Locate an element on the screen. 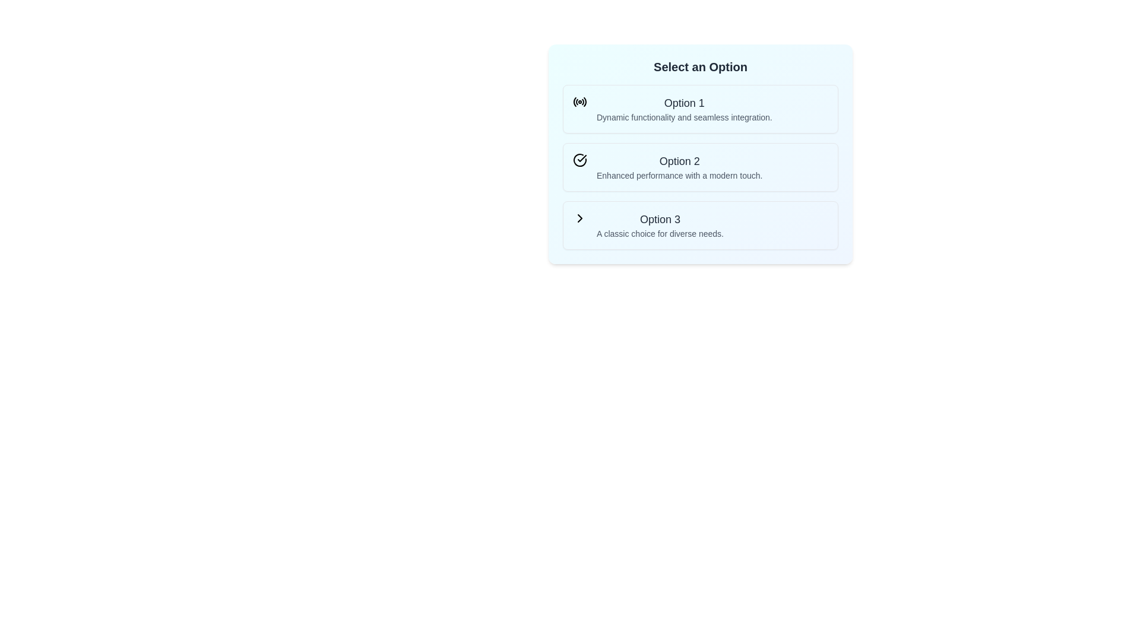  the static text label providing additional descriptive information about 'Option 3', which is located directly underneath the larger text 'Option 3' is located at coordinates (660, 233).